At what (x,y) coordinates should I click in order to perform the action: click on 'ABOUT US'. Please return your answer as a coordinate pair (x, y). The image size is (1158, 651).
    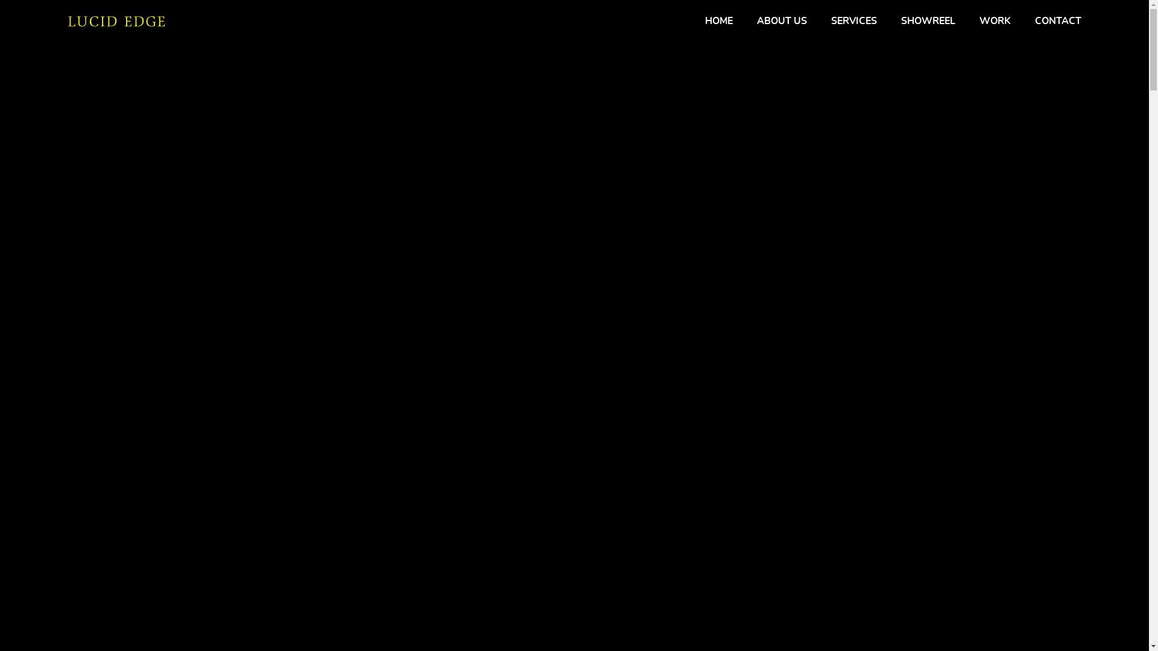
    Looking at the image, I should click on (781, 21).